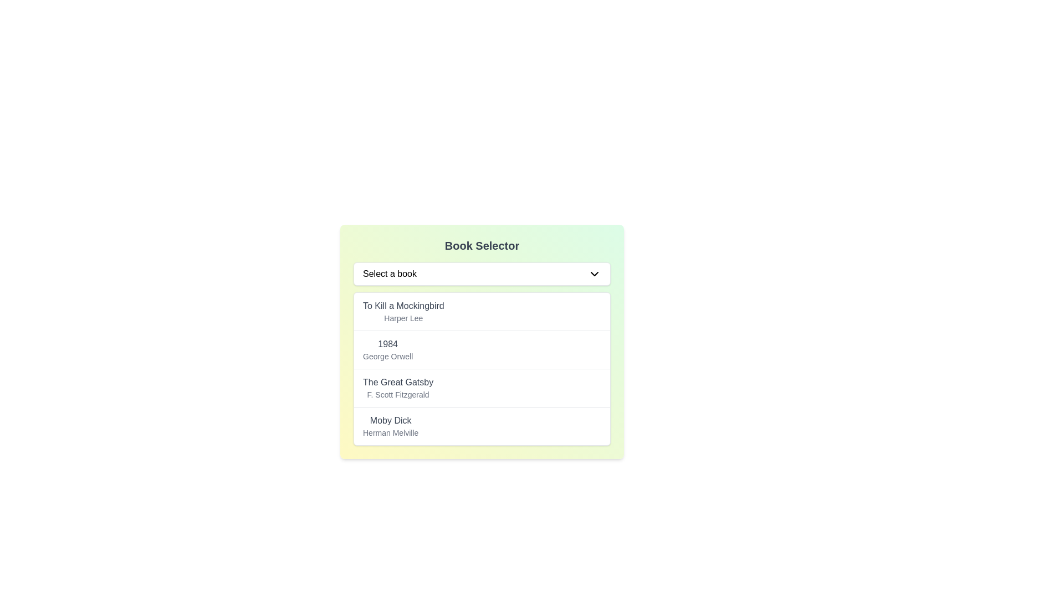  Describe the element at coordinates (391, 426) in the screenshot. I see `the list item displaying 'Moby Dick' by 'Herman Melville'` at that location.